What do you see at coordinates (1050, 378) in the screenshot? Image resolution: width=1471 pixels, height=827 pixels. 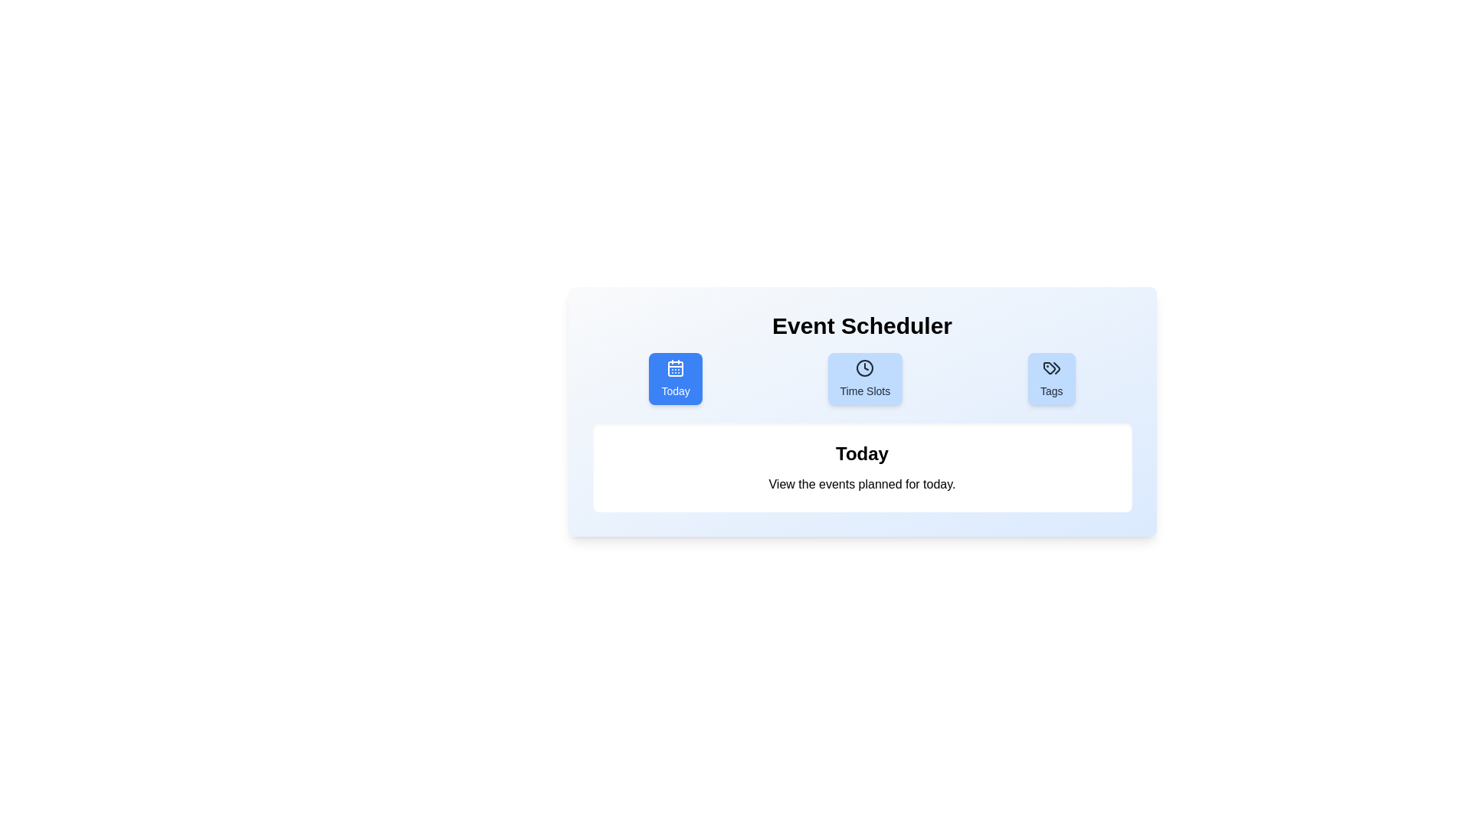 I see `the tab button labeled Tags` at bounding box center [1050, 378].